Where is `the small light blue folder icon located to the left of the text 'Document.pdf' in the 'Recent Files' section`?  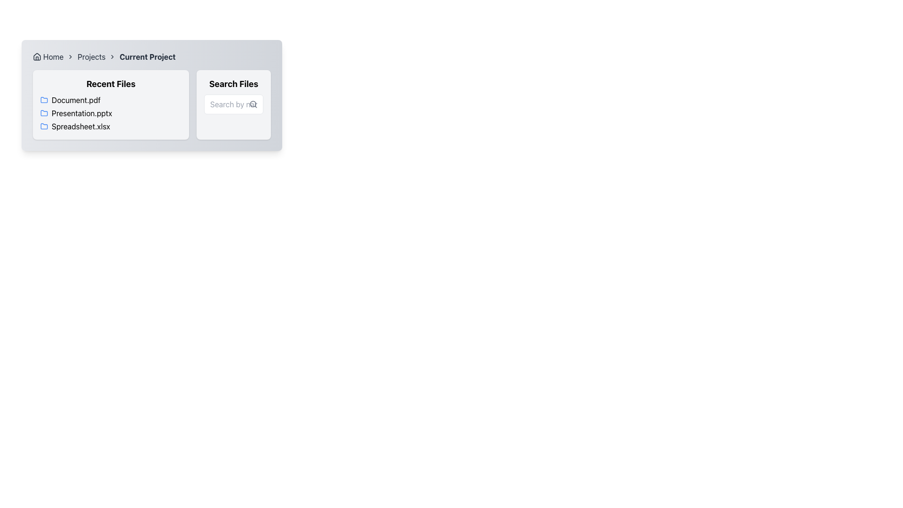 the small light blue folder icon located to the left of the text 'Document.pdf' in the 'Recent Files' section is located at coordinates (44, 100).